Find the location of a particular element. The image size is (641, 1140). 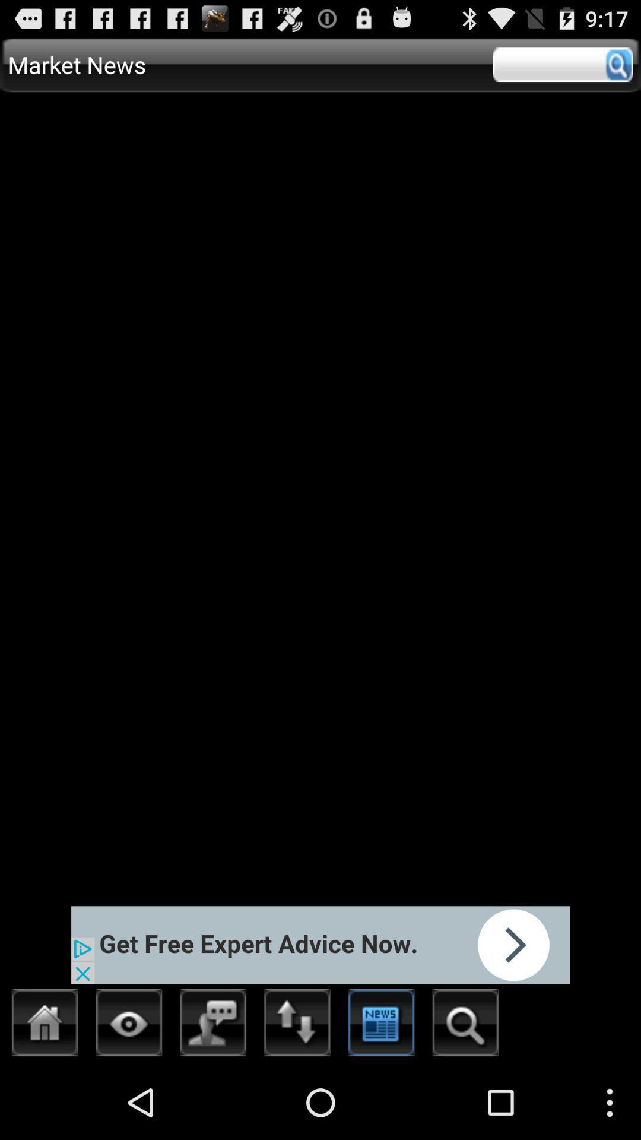

search button is located at coordinates (465, 1025).